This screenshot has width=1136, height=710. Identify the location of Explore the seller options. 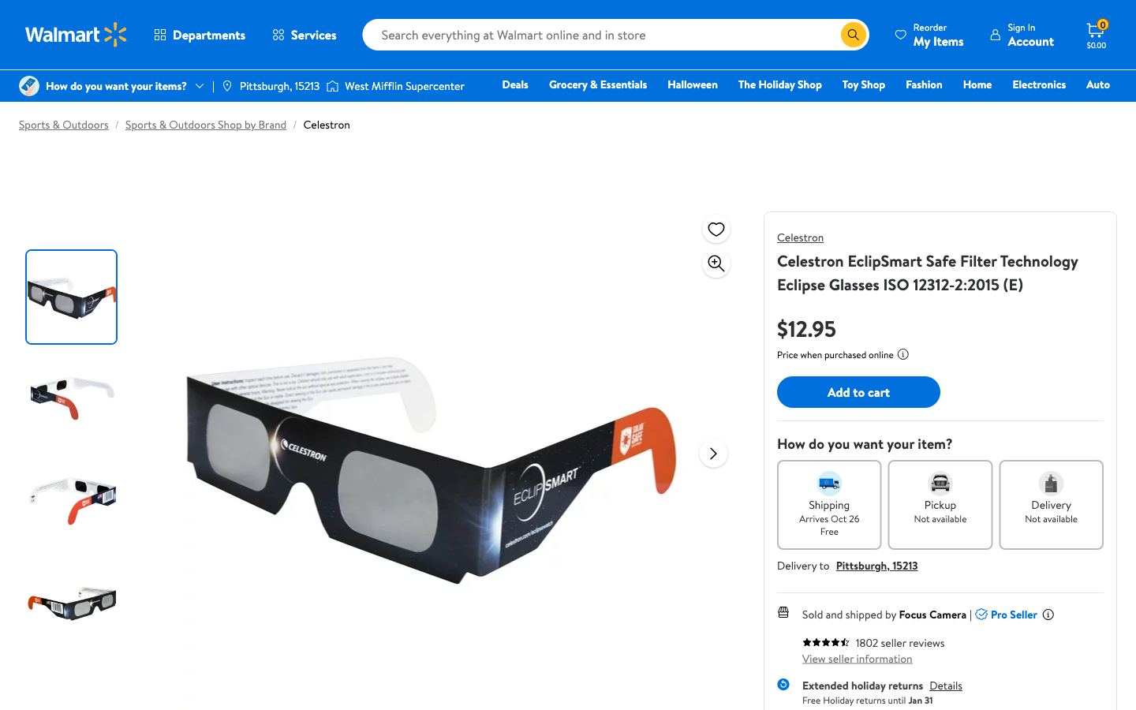
(857, 658).